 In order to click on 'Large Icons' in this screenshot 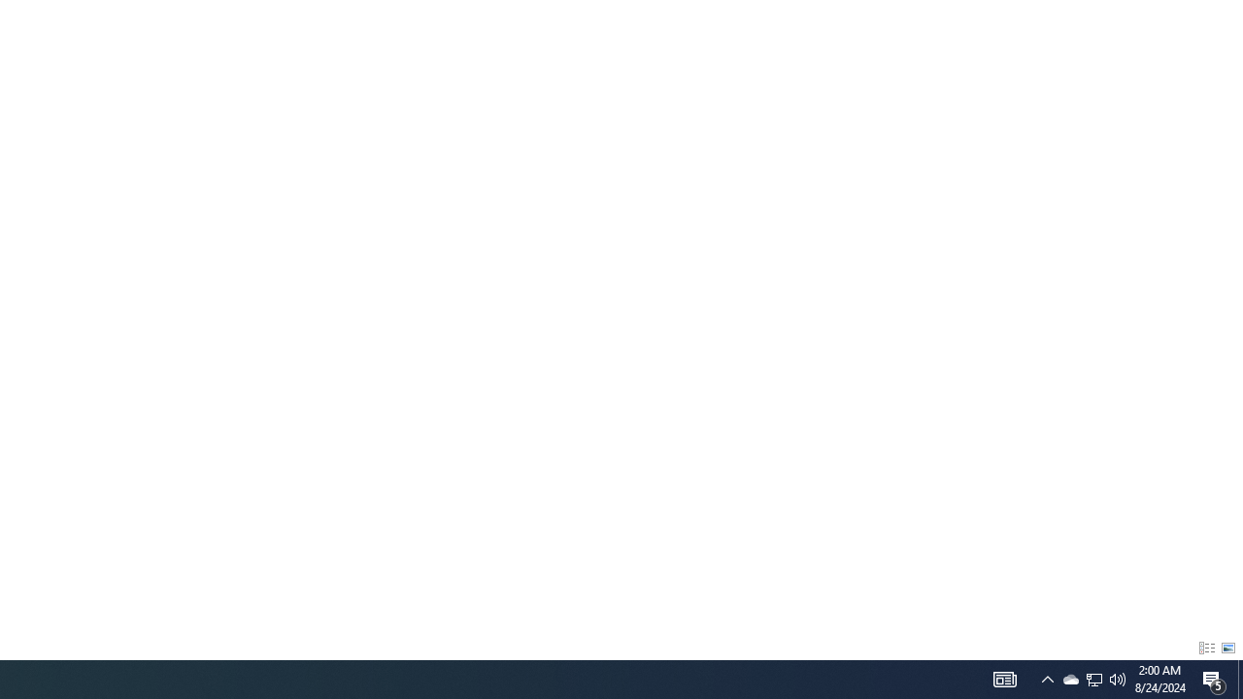, I will do `click(1227, 649)`.